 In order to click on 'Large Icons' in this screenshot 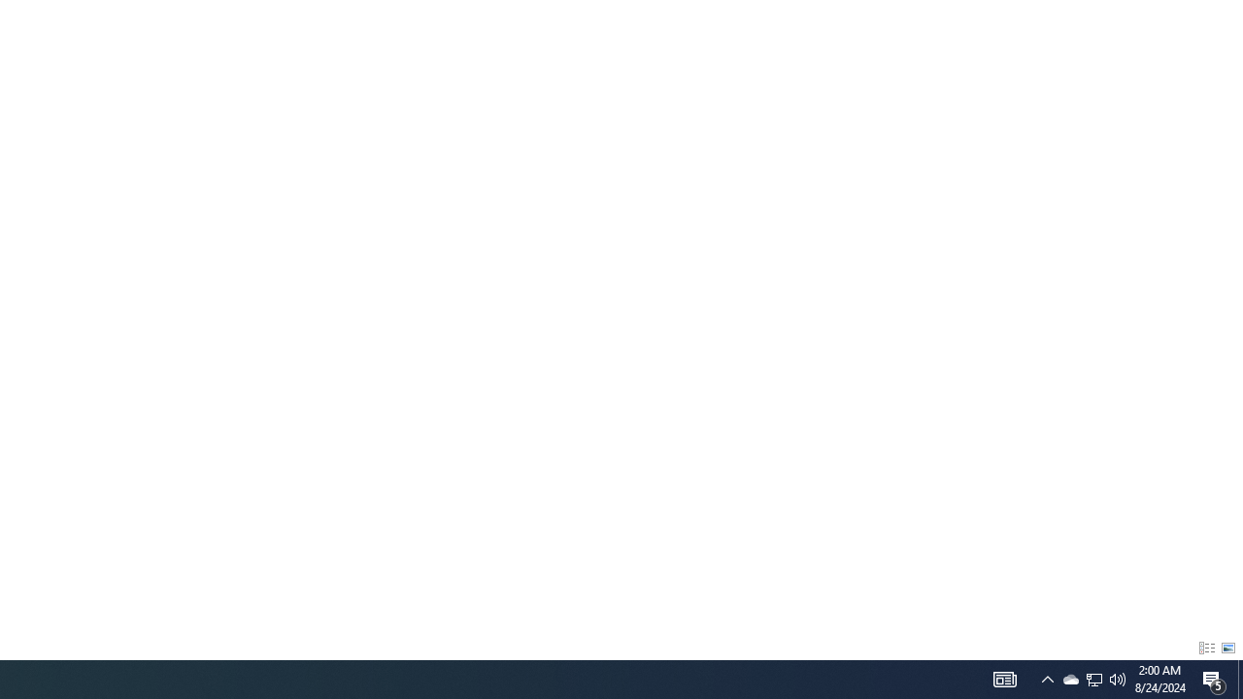, I will do `click(1227, 649)`.